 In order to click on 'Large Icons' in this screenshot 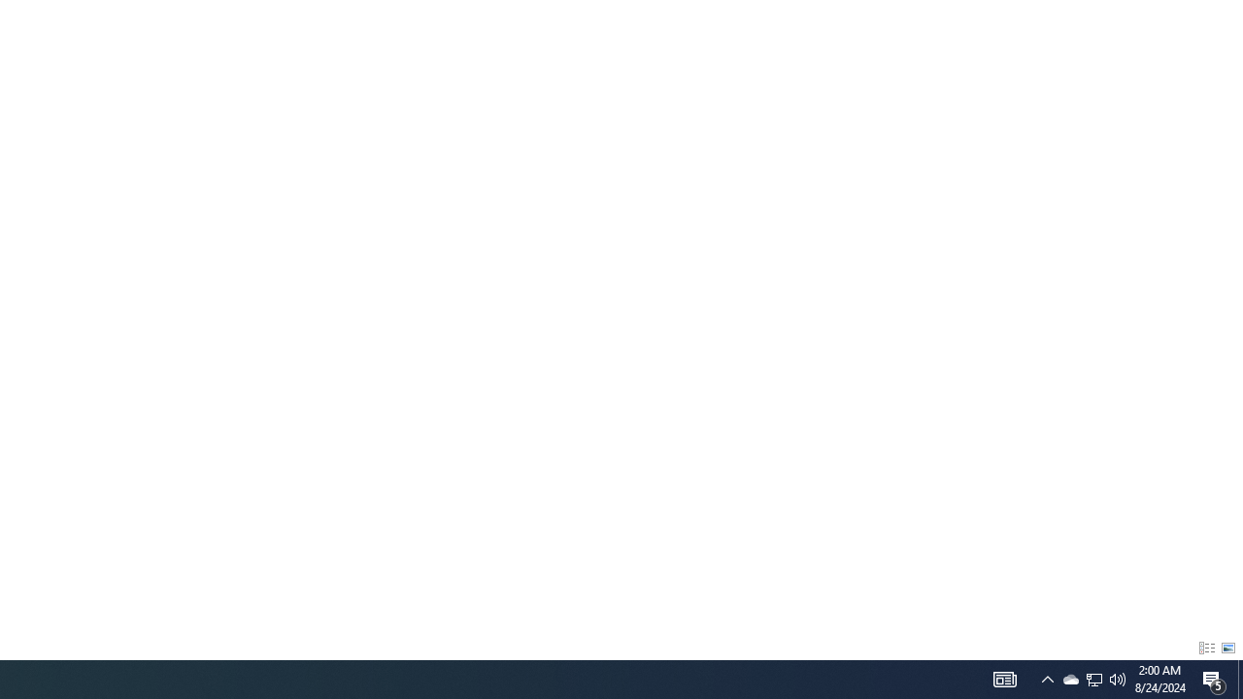, I will do `click(1227, 649)`.